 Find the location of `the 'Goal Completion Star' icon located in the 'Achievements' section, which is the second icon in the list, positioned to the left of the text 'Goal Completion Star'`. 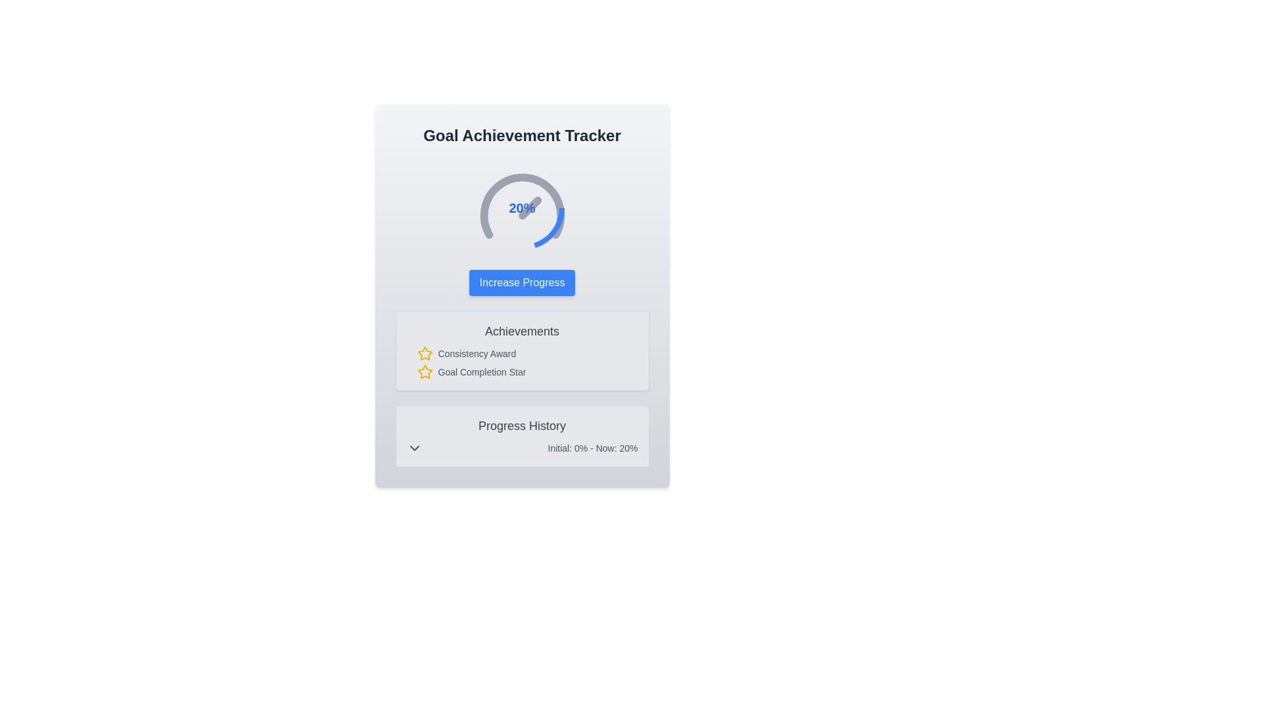

the 'Goal Completion Star' icon located in the 'Achievements' section, which is the second icon in the list, positioned to the left of the text 'Goal Completion Star' is located at coordinates (425, 372).